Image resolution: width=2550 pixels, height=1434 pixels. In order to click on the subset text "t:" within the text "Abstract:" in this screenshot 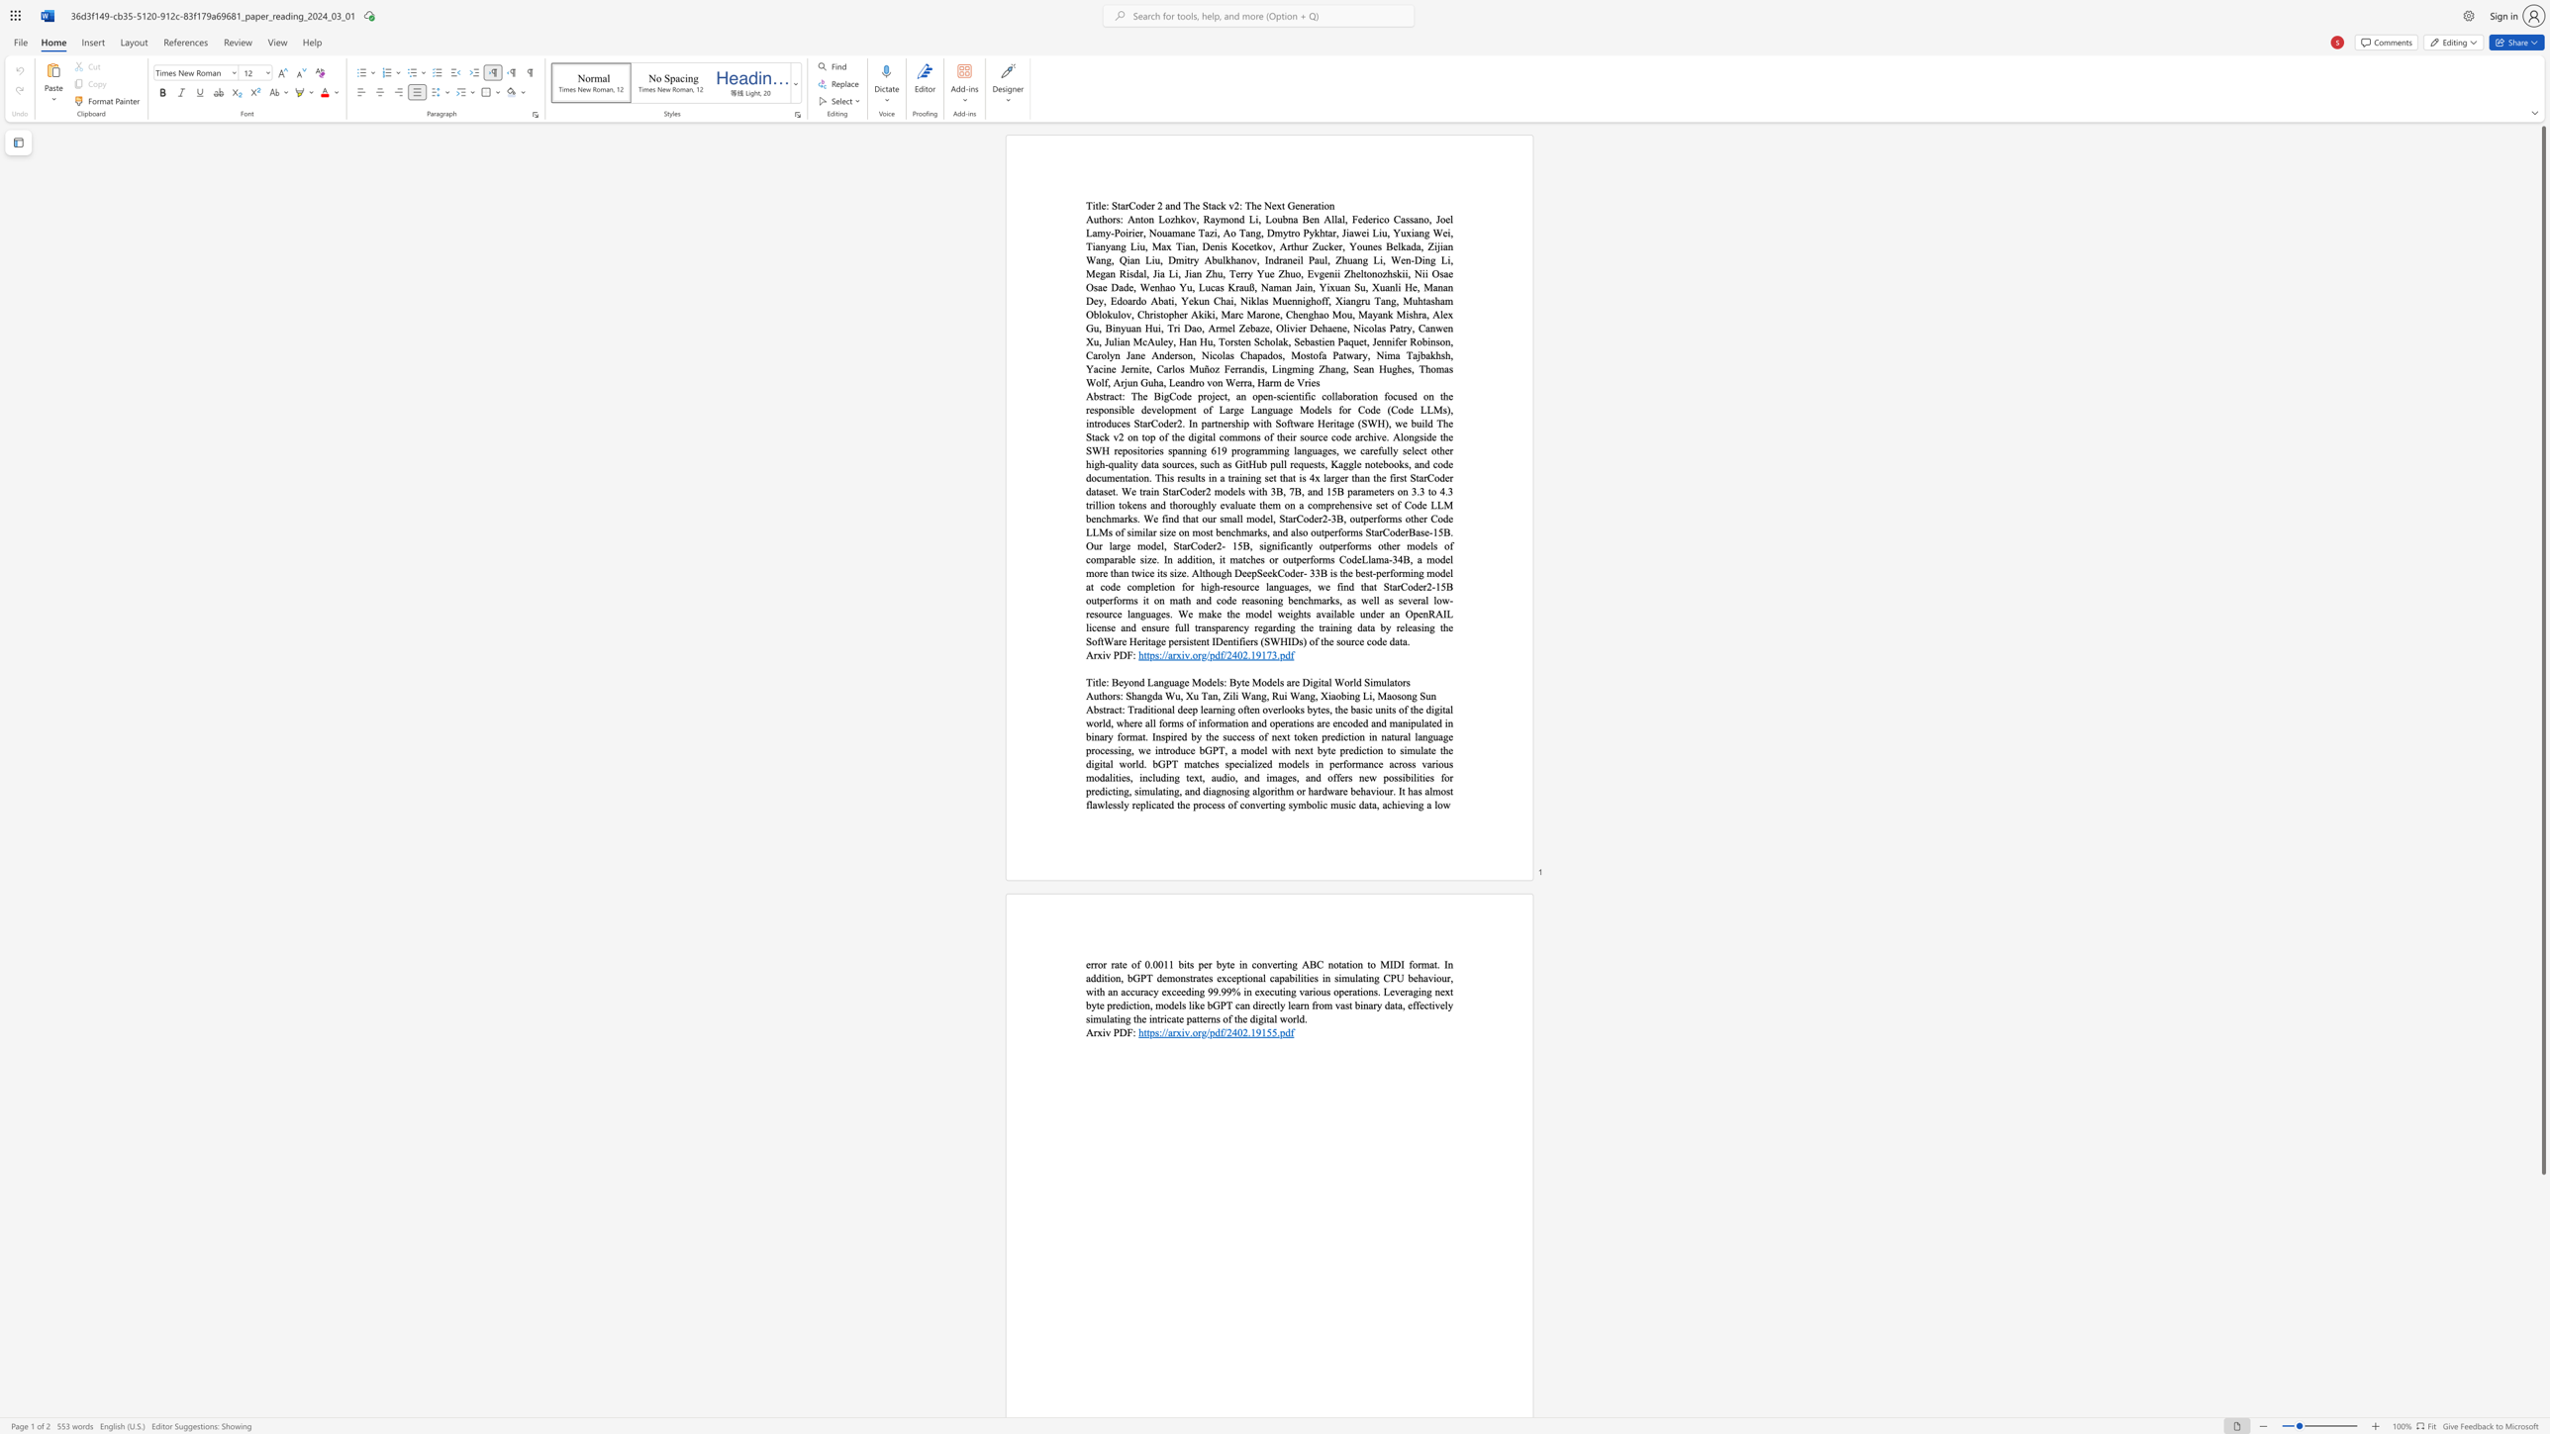, I will do `click(1118, 709)`.